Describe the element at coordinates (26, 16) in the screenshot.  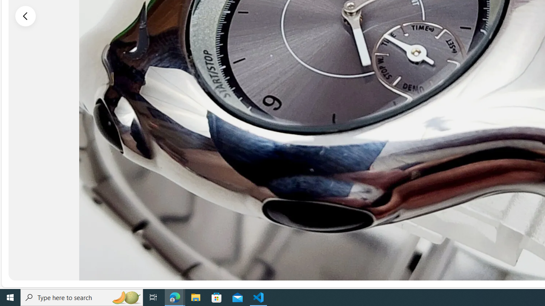
I see `'Previous image - Item images thumbnails'` at that location.